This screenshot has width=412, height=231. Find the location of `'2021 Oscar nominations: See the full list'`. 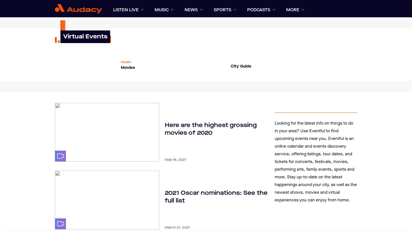

'2021 Oscar nominations: See the full list' is located at coordinates (216, 196).